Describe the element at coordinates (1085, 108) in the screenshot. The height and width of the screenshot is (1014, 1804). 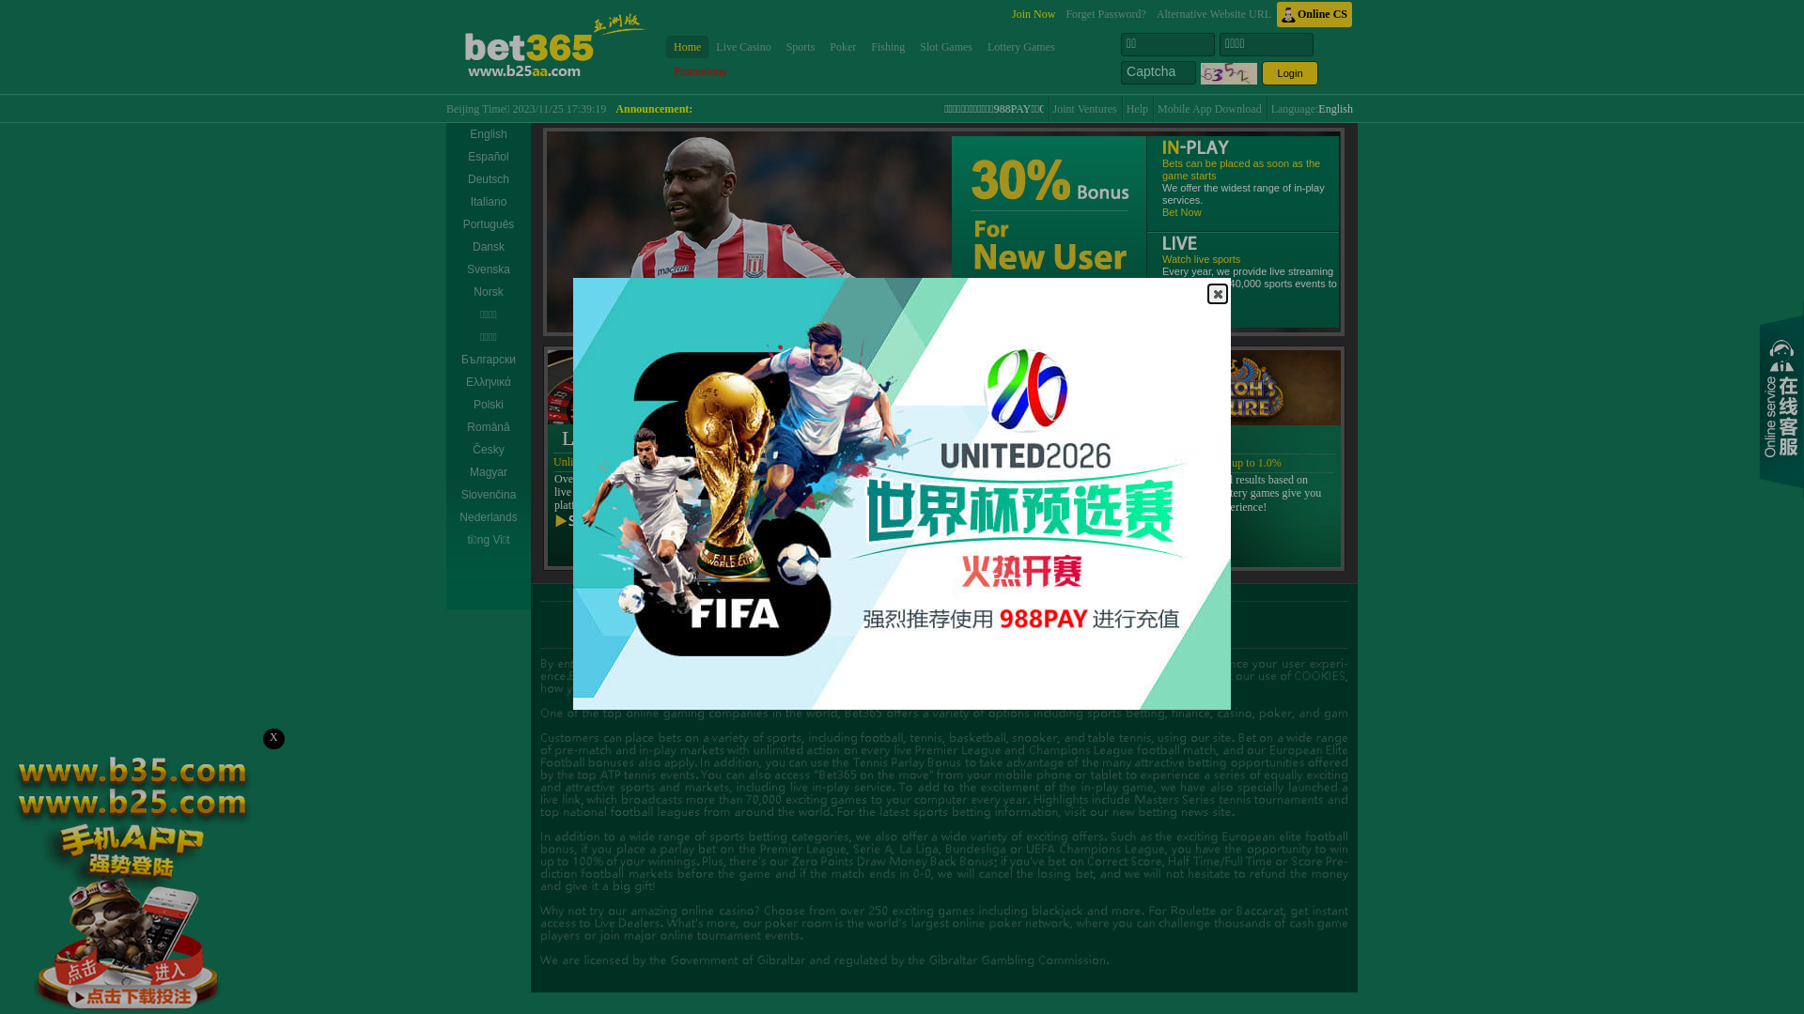
I see `'Joint Ventures'` at that location.